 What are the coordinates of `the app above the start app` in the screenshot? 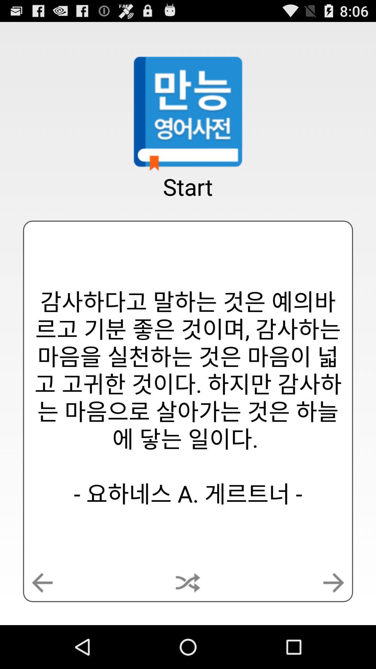 It's located at (188, 113).